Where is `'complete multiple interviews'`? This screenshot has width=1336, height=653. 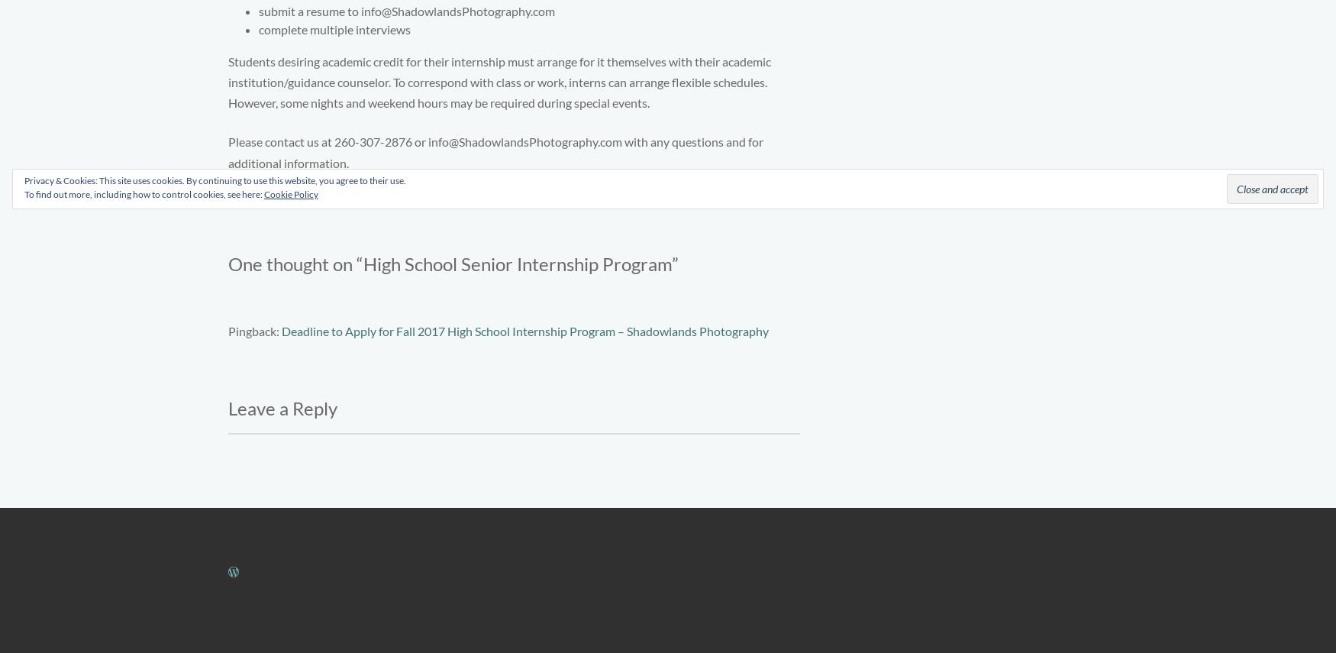
'complete multiple interviews' is located at coordinates (334, 27).